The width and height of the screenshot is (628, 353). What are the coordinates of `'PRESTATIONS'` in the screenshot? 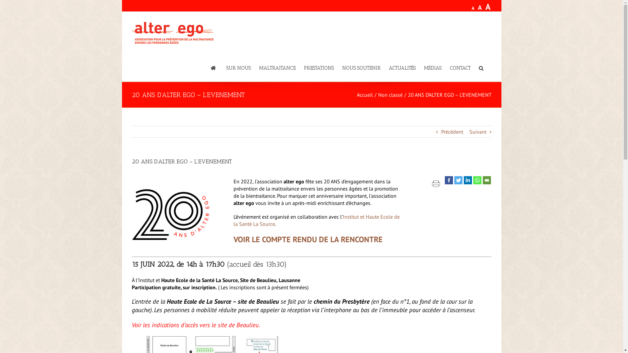 It's located at (319, 68).